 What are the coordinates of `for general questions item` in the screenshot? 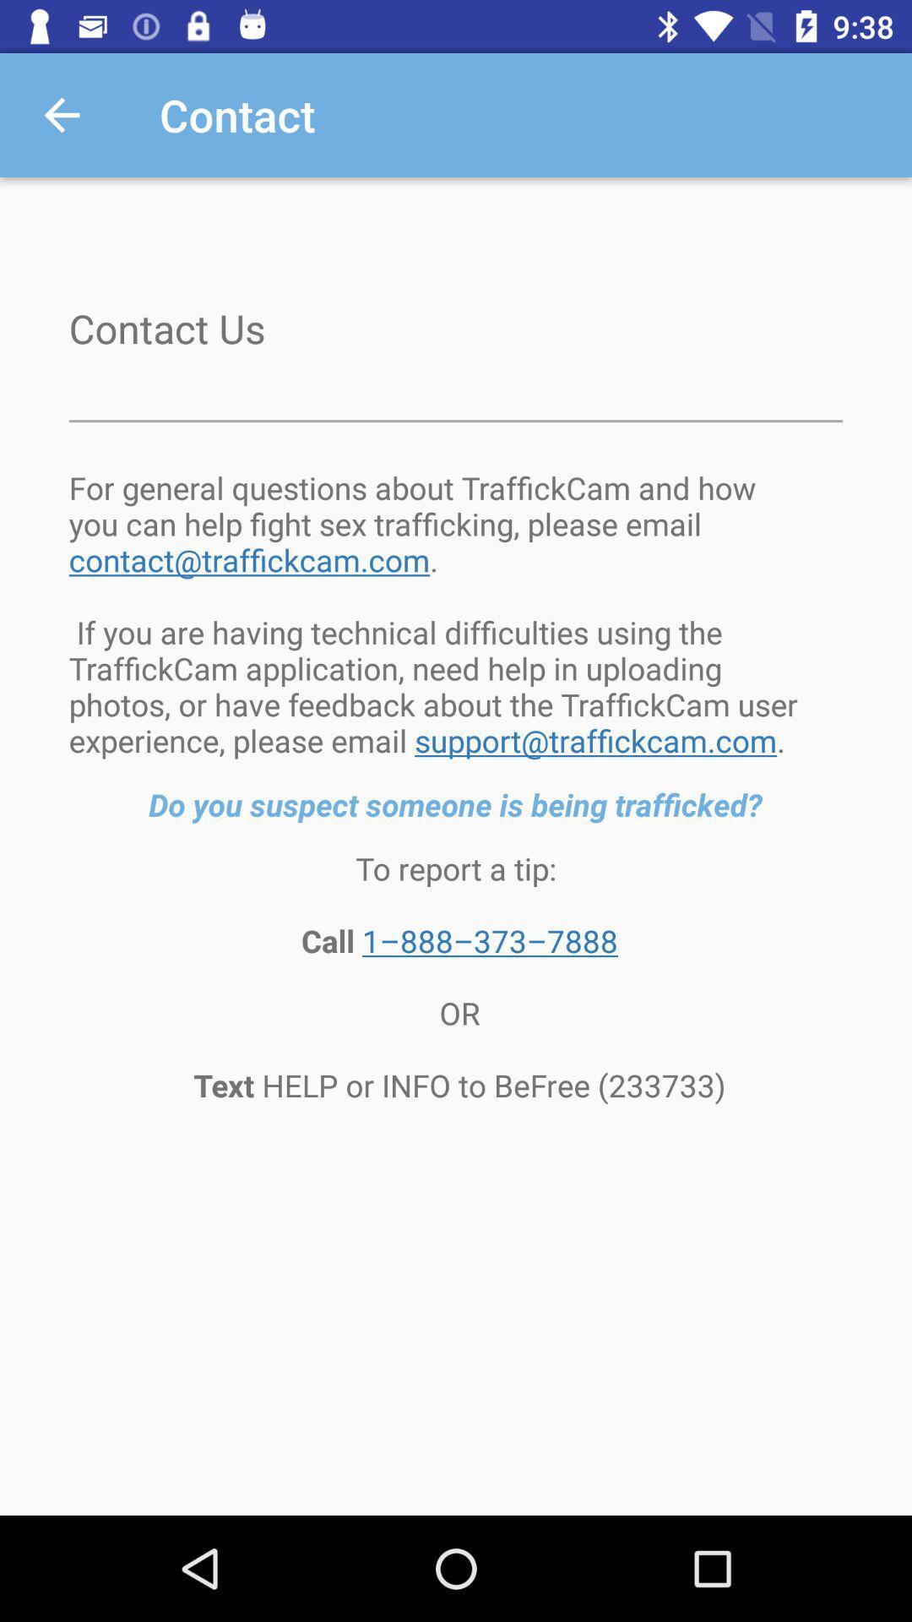 It's located at (456, 613).